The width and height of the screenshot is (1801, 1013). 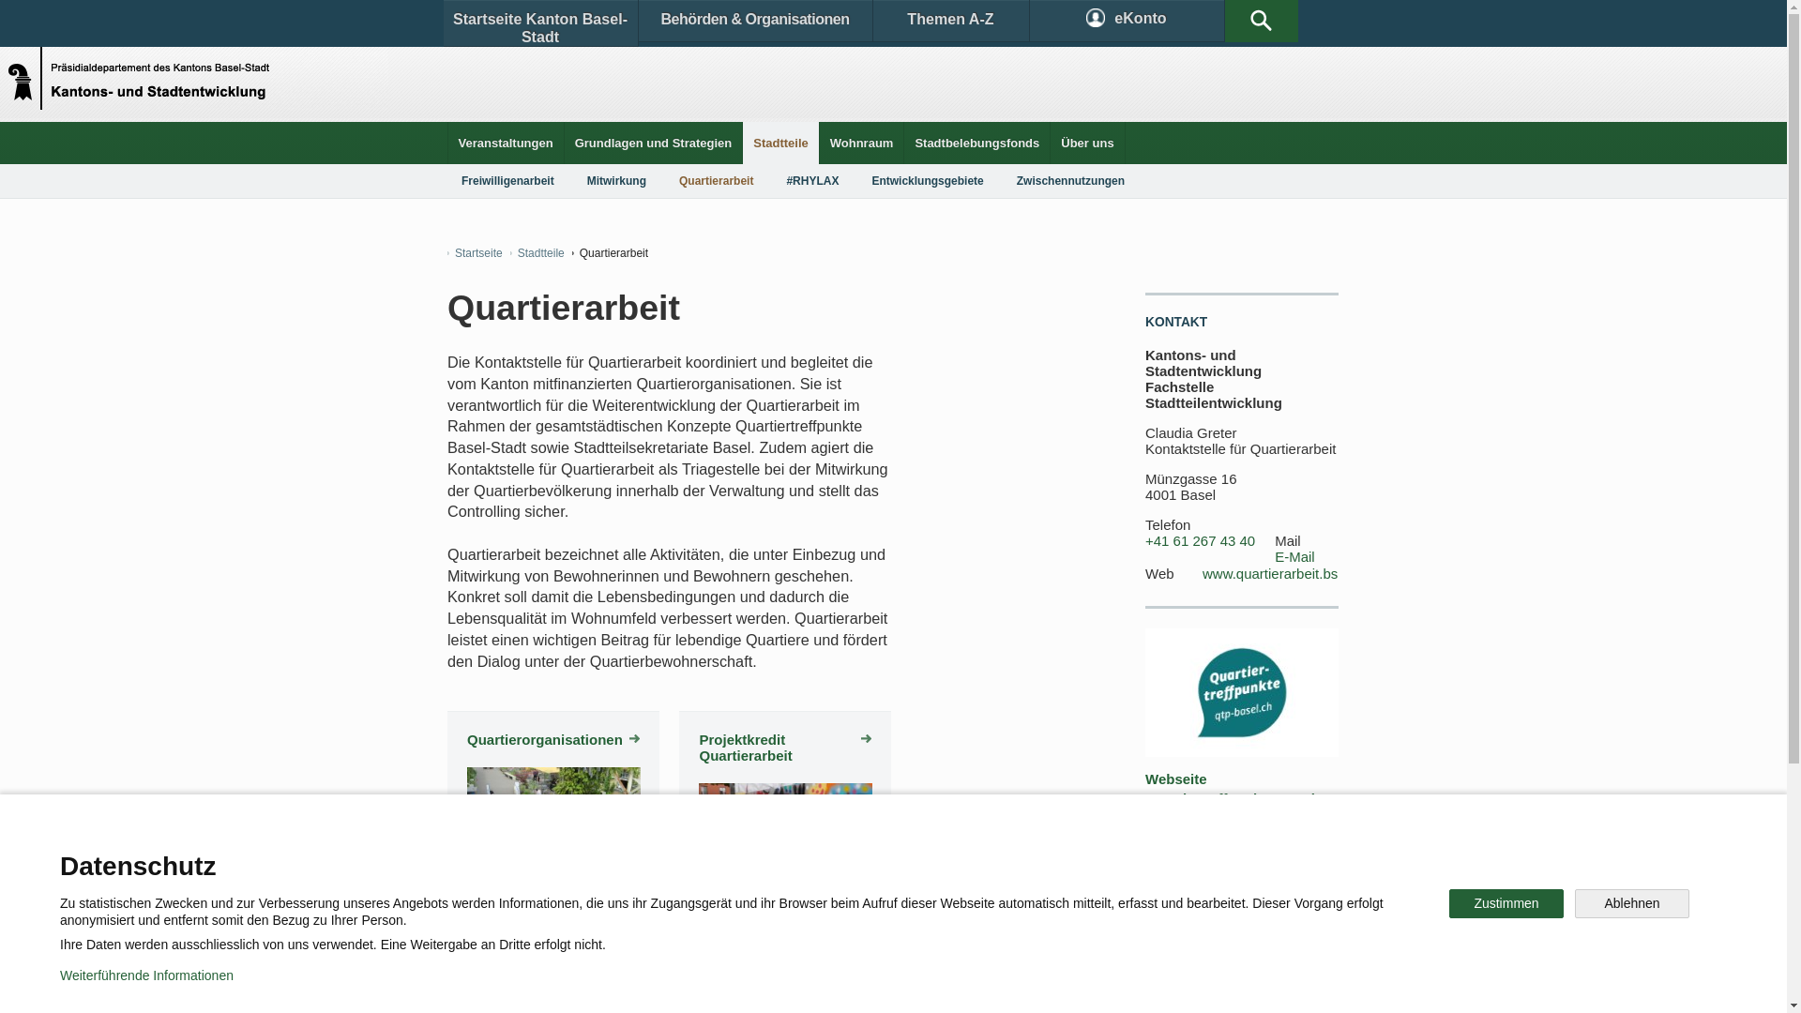 What do you see at coordinates (949, 21) in the screenshot?
I see `'Themen A-Z'` at bounding box center [949, 21].